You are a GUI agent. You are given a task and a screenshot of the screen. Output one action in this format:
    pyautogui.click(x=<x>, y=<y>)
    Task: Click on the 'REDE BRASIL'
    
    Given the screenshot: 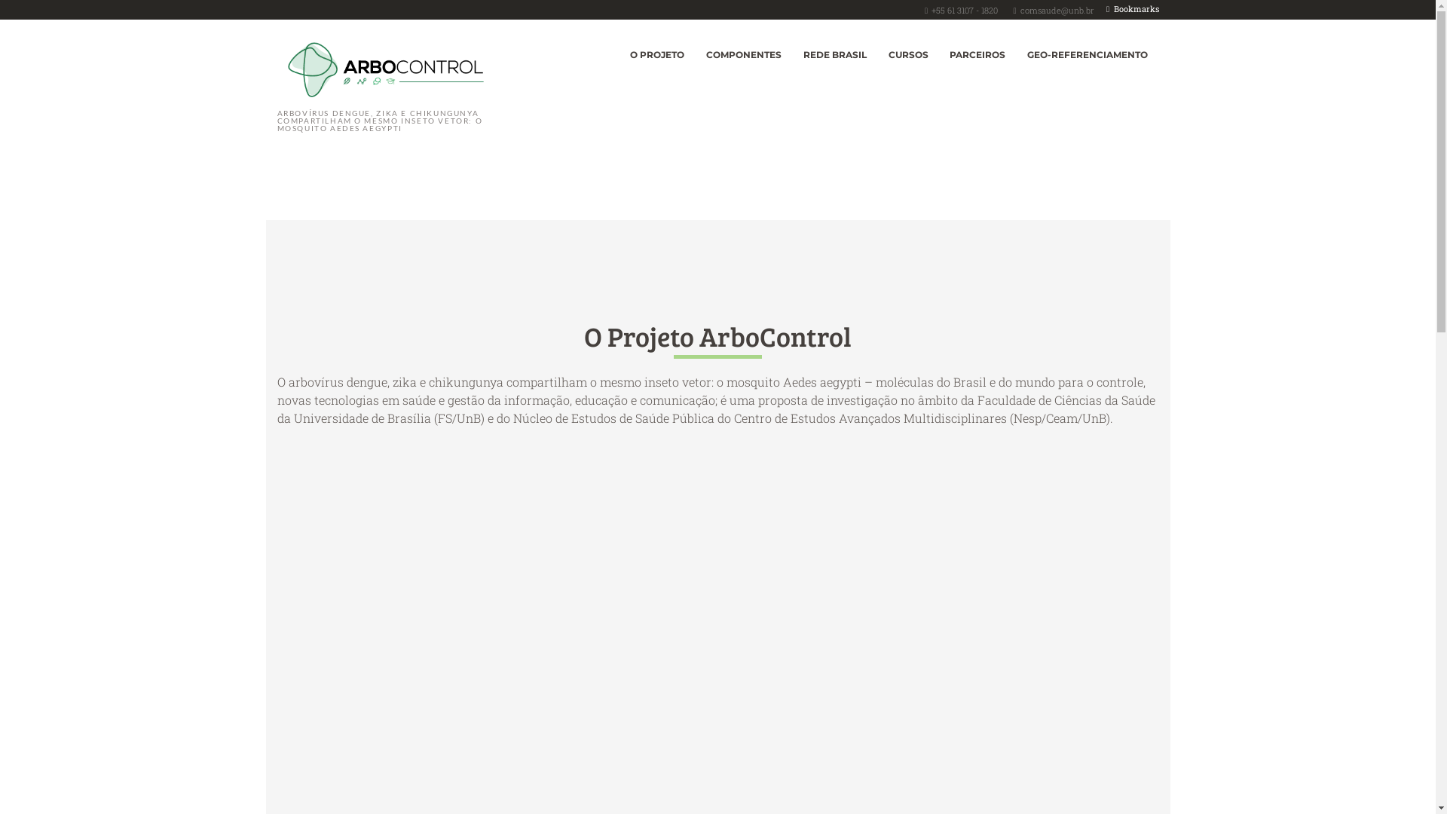 What is the action you would take?
    pyautogui.click(x=791, y=54)
    